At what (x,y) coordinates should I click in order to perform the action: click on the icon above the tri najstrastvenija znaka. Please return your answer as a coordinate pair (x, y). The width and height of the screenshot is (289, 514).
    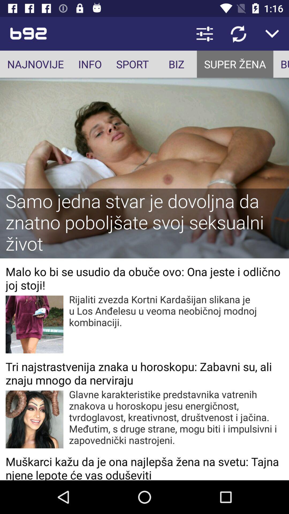
    Looking at the image, I should click on (176, 311).